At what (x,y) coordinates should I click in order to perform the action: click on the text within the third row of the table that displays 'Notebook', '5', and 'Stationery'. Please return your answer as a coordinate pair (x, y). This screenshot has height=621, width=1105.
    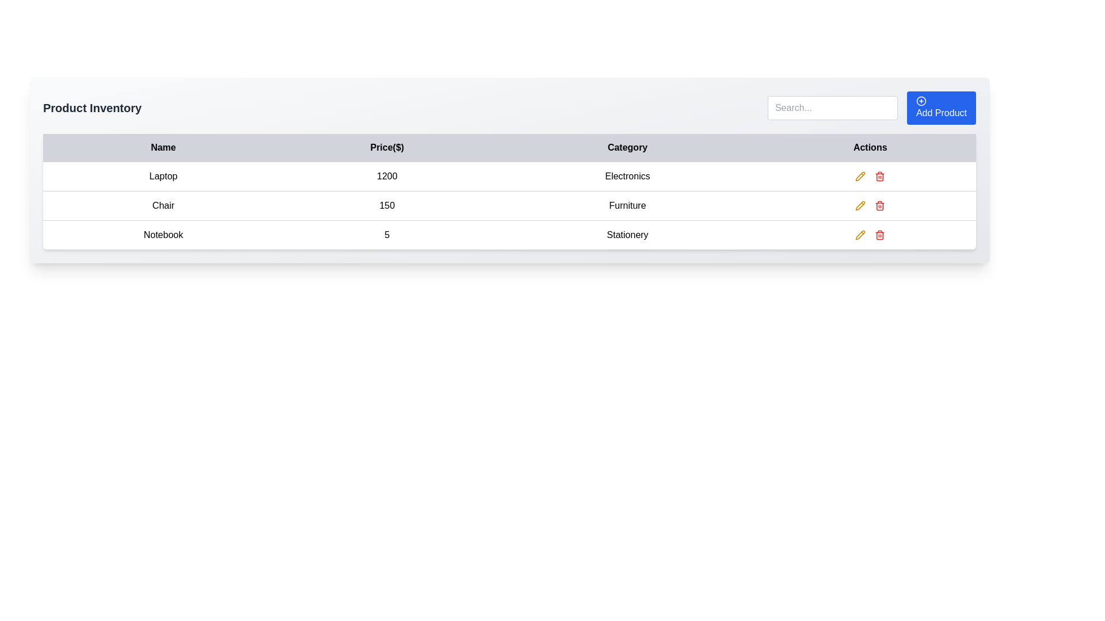
    Looking at the image, I should click on (509, 234).